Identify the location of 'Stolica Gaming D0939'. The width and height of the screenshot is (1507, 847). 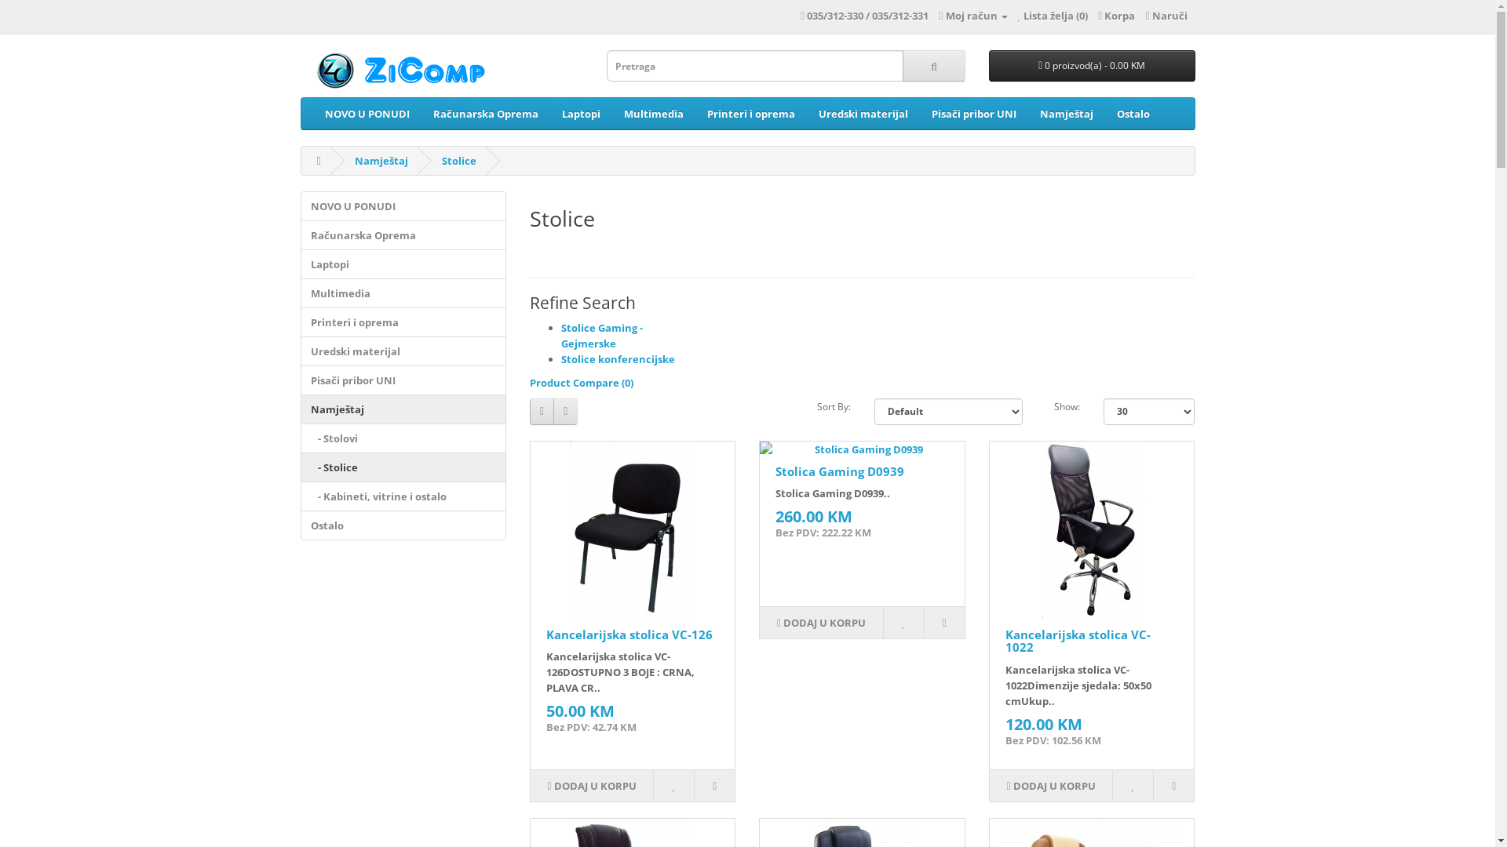
(839, 471).